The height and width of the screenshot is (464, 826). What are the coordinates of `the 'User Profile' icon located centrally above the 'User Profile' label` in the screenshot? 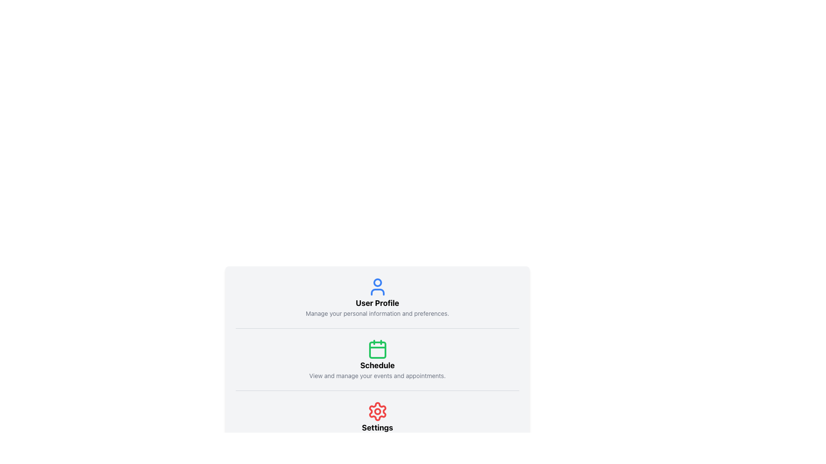 It's located at (377, 287).